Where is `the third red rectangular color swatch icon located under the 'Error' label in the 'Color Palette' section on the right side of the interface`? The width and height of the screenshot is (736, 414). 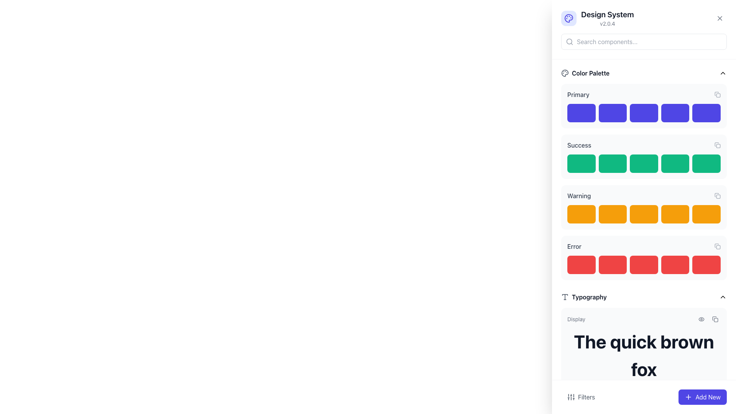
the third red rectangular color swatch icon located under the 'Error' label in the 'Color Palette' section on the right side of the interface is located at coordinates (644, 264).